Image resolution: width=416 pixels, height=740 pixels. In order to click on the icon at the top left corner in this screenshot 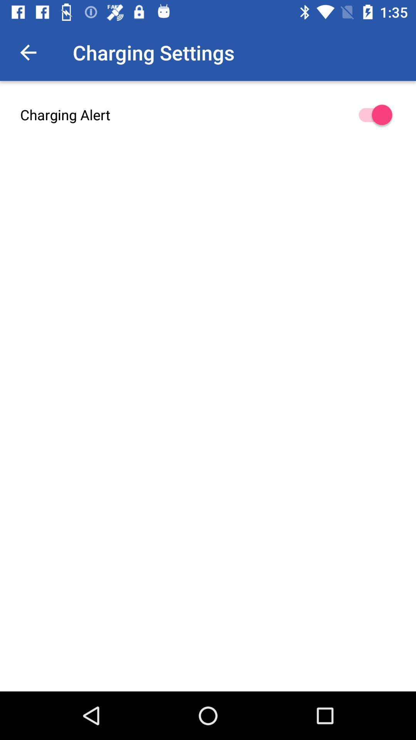, I will do `click(28, 52)`.